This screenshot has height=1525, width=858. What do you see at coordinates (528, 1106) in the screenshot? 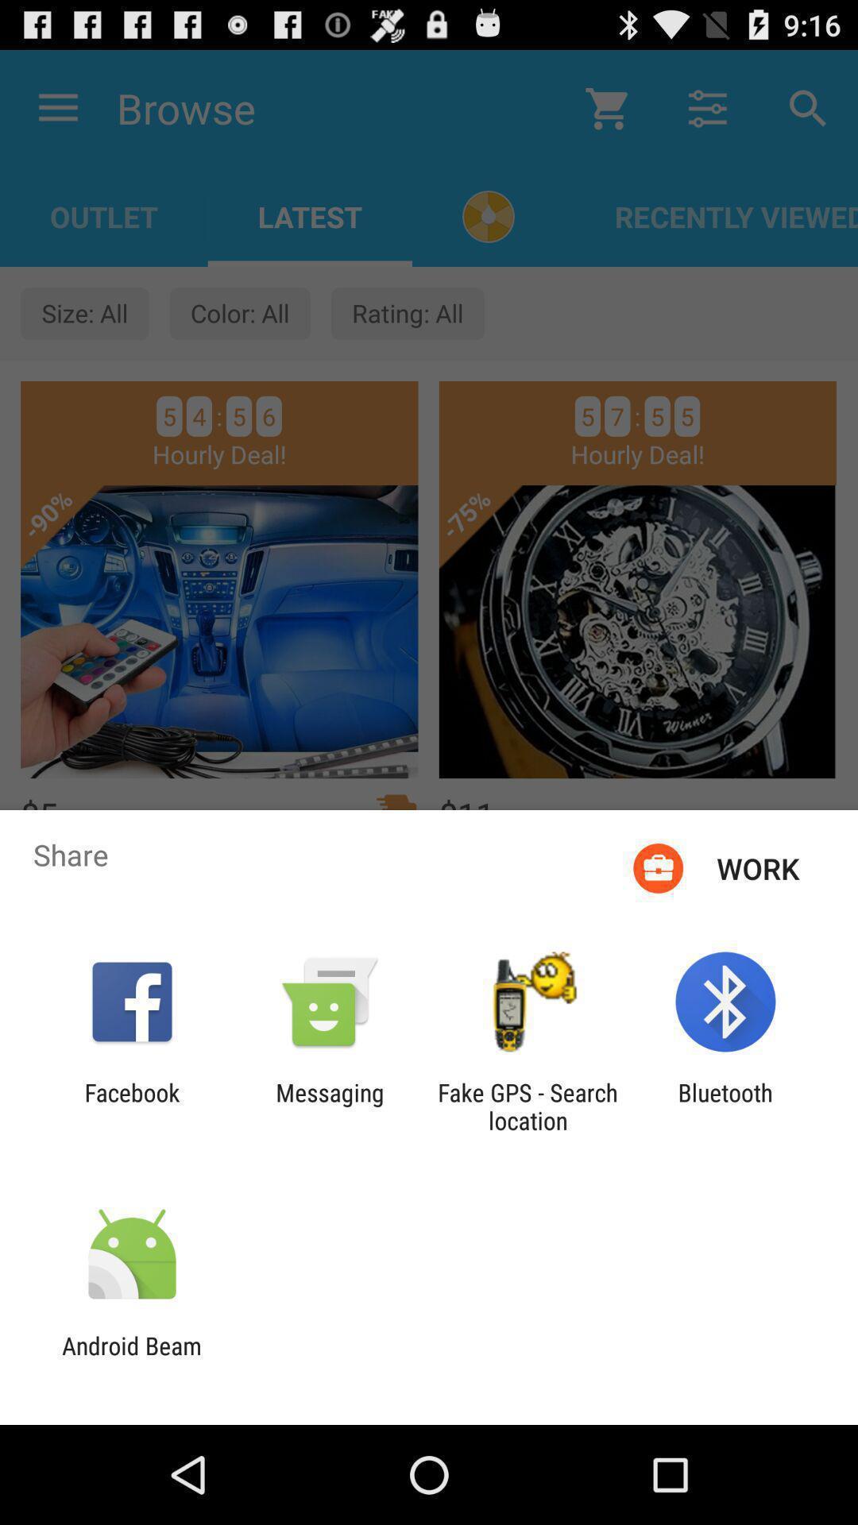
I see `app to the right of messaging item` at bounding box center [528, 1106].